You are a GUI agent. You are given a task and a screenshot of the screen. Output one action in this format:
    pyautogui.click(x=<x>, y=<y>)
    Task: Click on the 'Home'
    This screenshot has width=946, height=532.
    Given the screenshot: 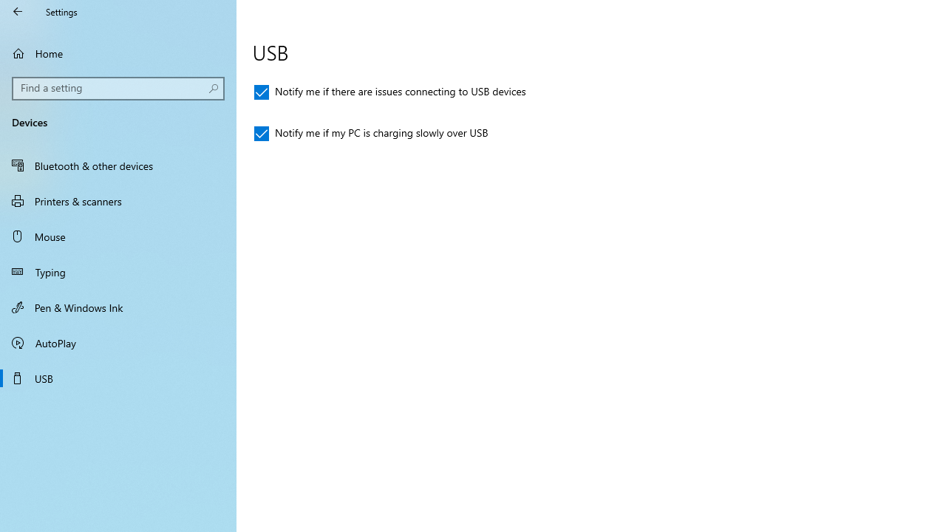 What is the action you would take?
    pyautogui.click(x=118, y=52)
    